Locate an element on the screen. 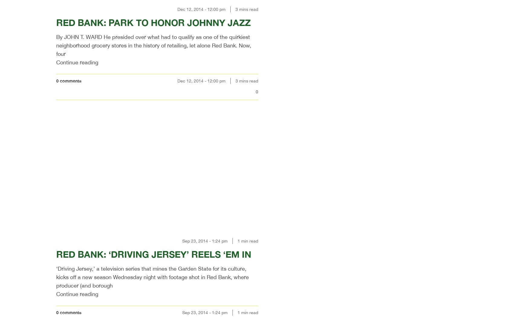 The image size is (526, 322). 'RED BANK: ‘DRIVING JERSEY’ REELS ‘EM IN' is located at coordinates (153, 254).